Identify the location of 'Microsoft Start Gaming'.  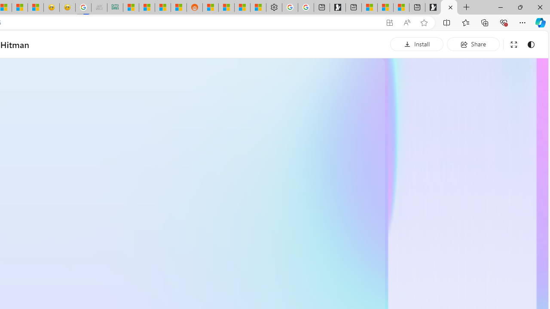
(337, 7).